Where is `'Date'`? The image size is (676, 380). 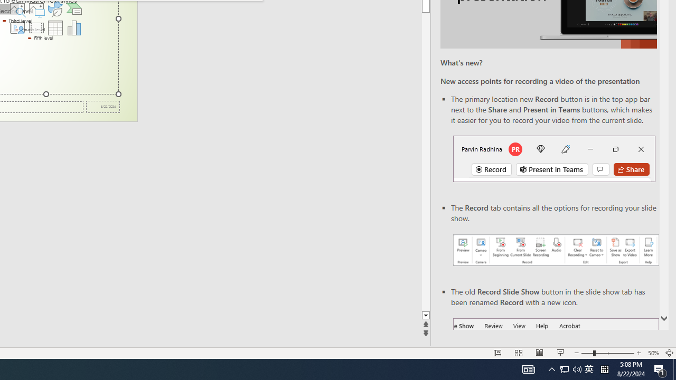
'Date' is located at coordinates (102, 107).